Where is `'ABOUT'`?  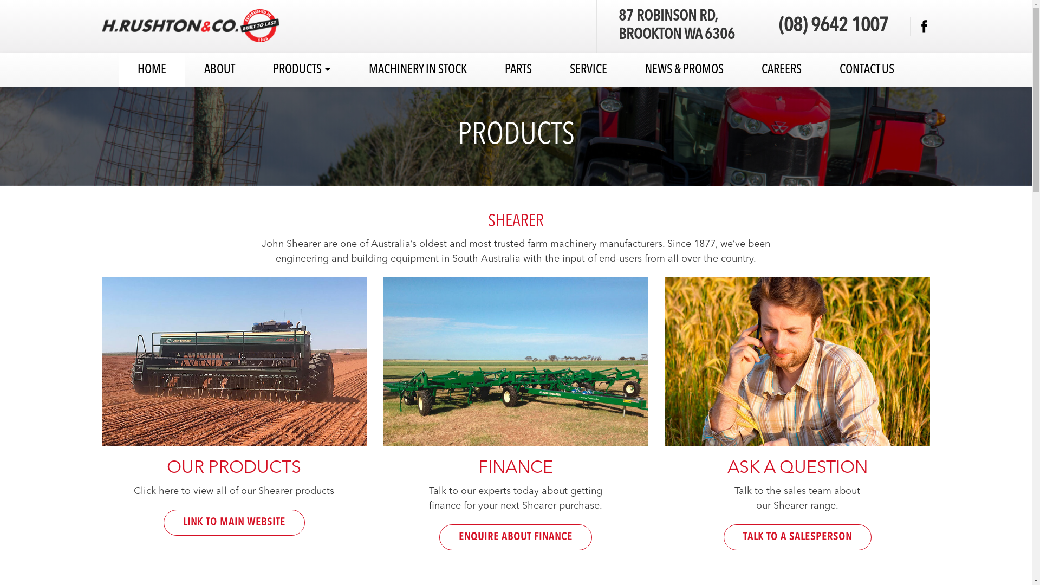 'ABOUT' is located at coordinates (219, 69).